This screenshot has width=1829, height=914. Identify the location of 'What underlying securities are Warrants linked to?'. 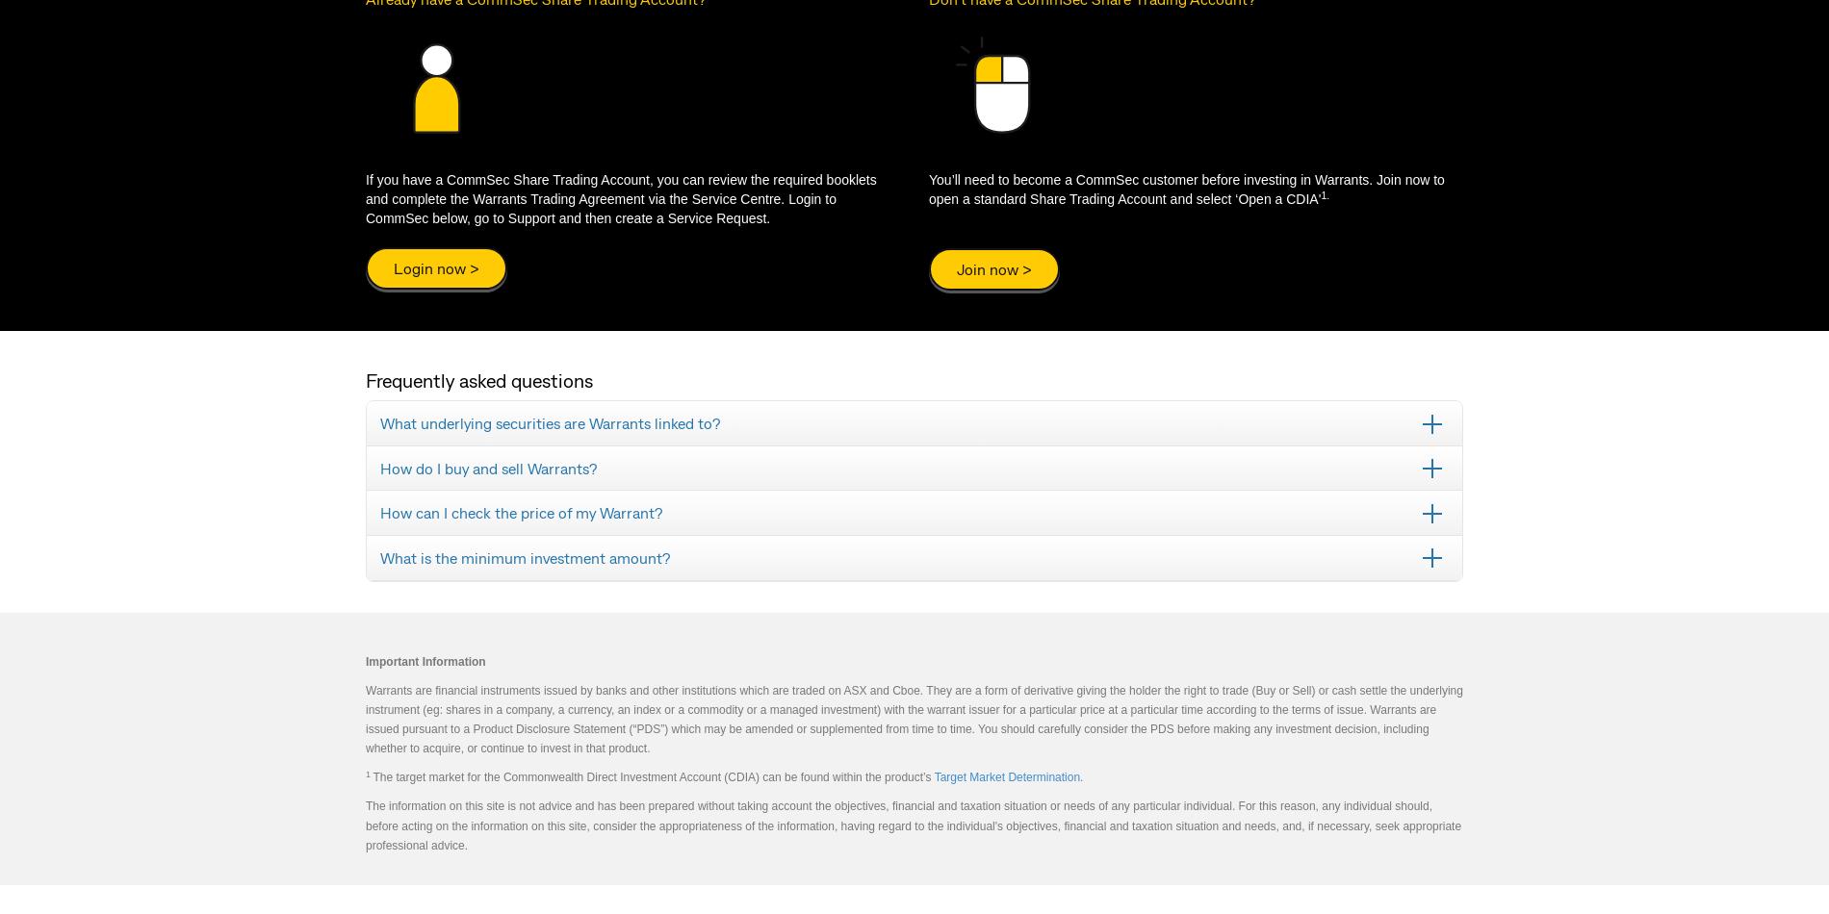
(550, 421).